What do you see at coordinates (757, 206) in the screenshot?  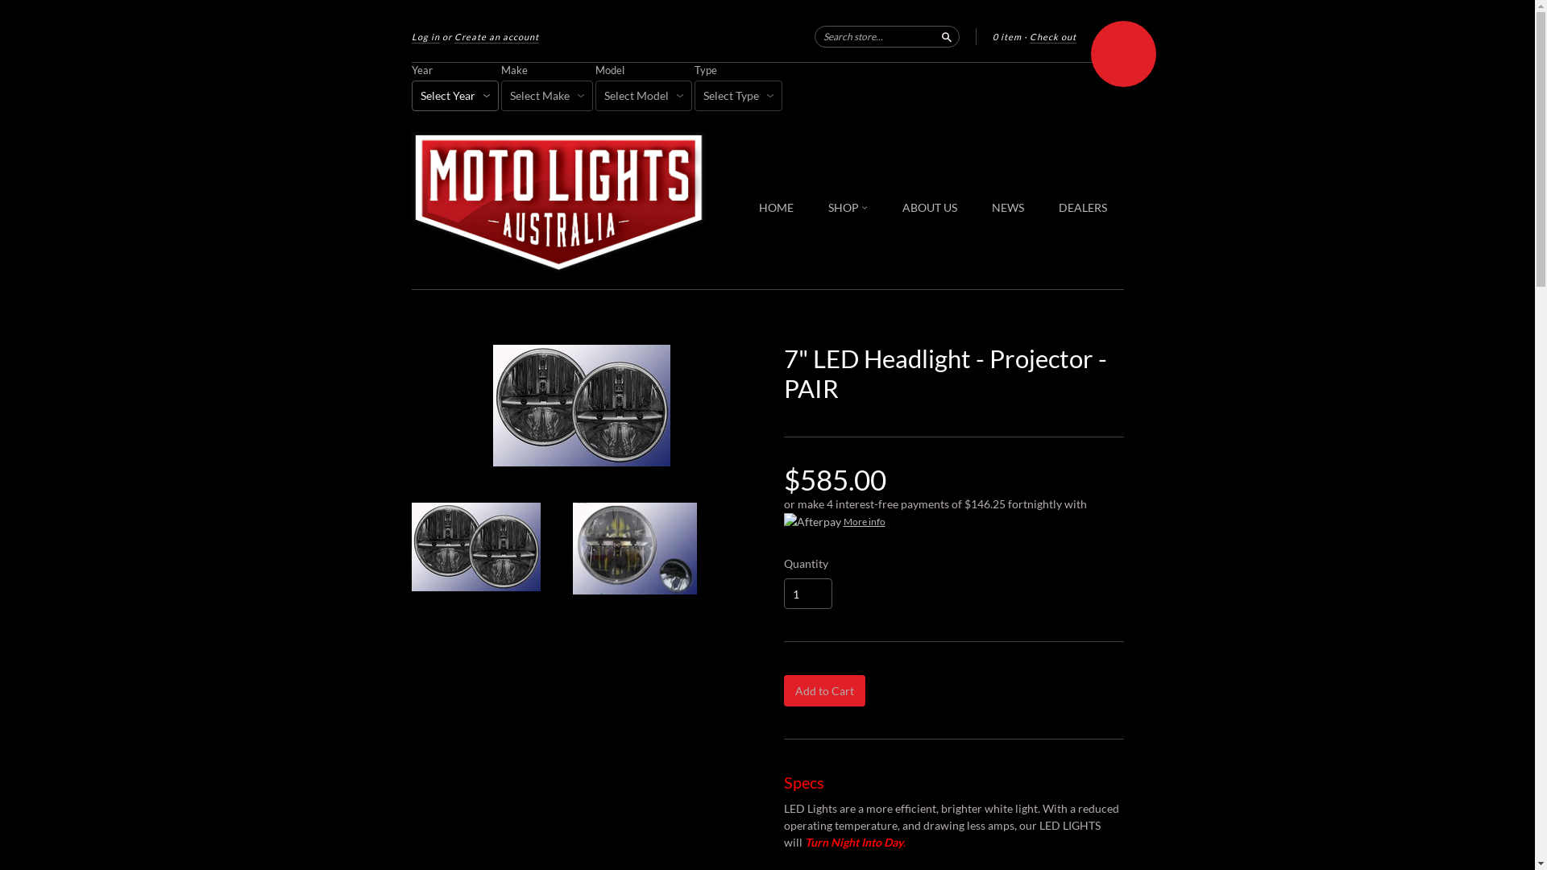 I see `'HOME'` at bounding box center [757, 206].